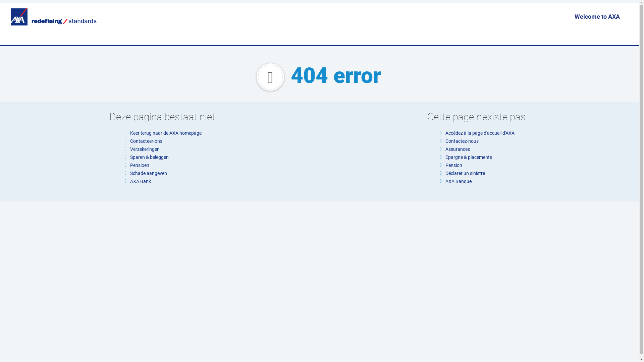 This screenshot has height=362, width=644. What do you see at coordinates (454, 165) in the screenshot?
I see `'Pension'` at bounding box center [454, 165].